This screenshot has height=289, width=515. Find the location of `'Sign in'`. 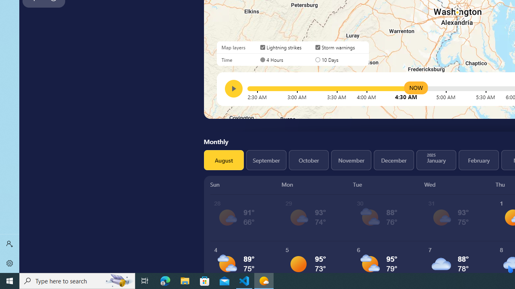

'Sign in' is located at coordinates (10, 244).